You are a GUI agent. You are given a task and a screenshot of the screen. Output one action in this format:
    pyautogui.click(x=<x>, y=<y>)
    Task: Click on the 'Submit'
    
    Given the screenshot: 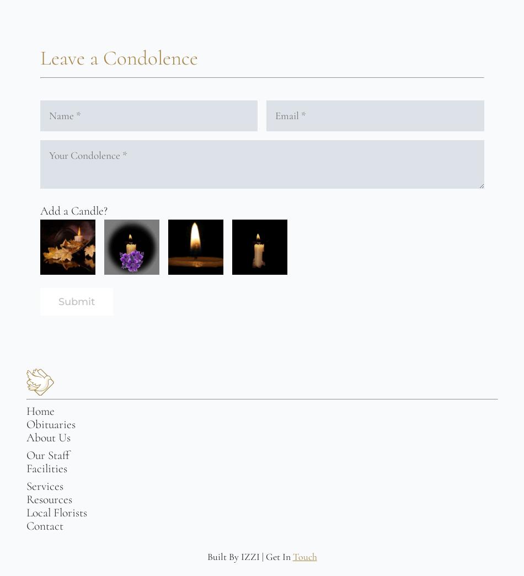 What is the action you would take?
    pyautogui.click(x=76, y=301)
    